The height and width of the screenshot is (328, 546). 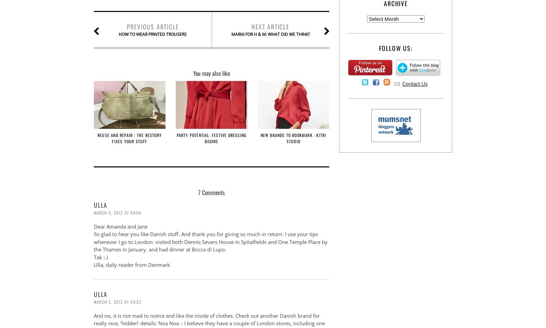 What do you see at coordinates (101, 256) in the screenshot?
I see `'Tak :-)'` at bounding box center [101, 256].